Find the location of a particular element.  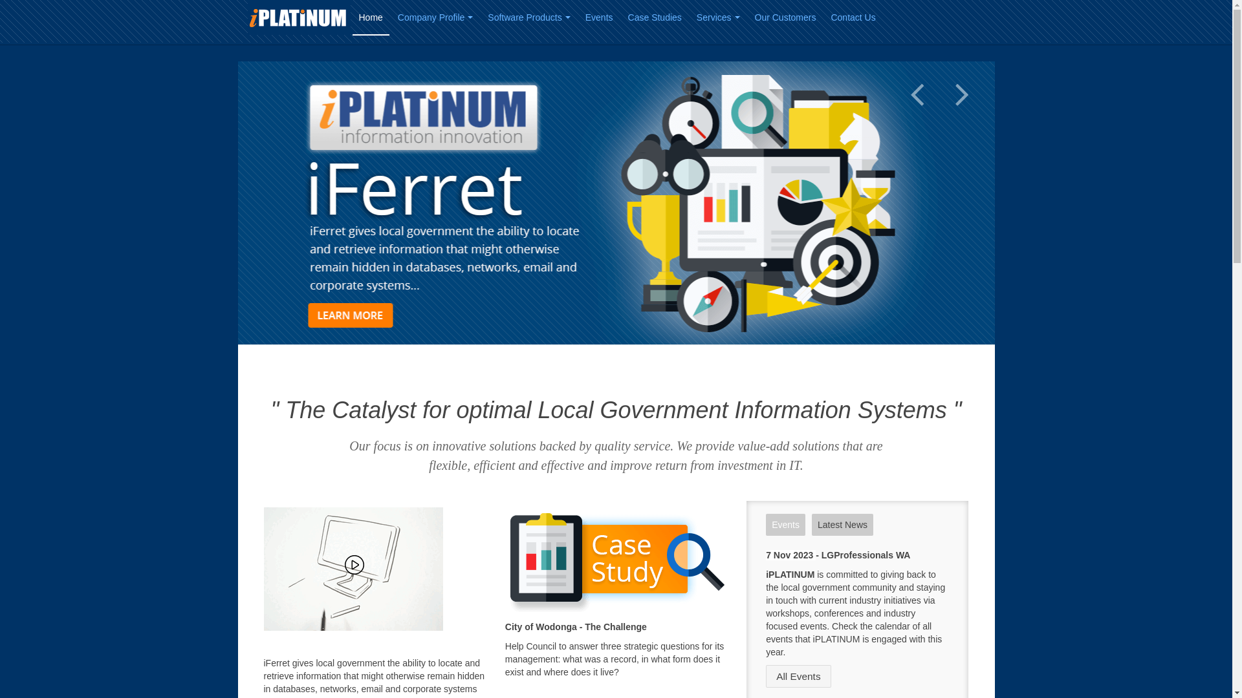

'Services' is located at coordinates (717, 17).